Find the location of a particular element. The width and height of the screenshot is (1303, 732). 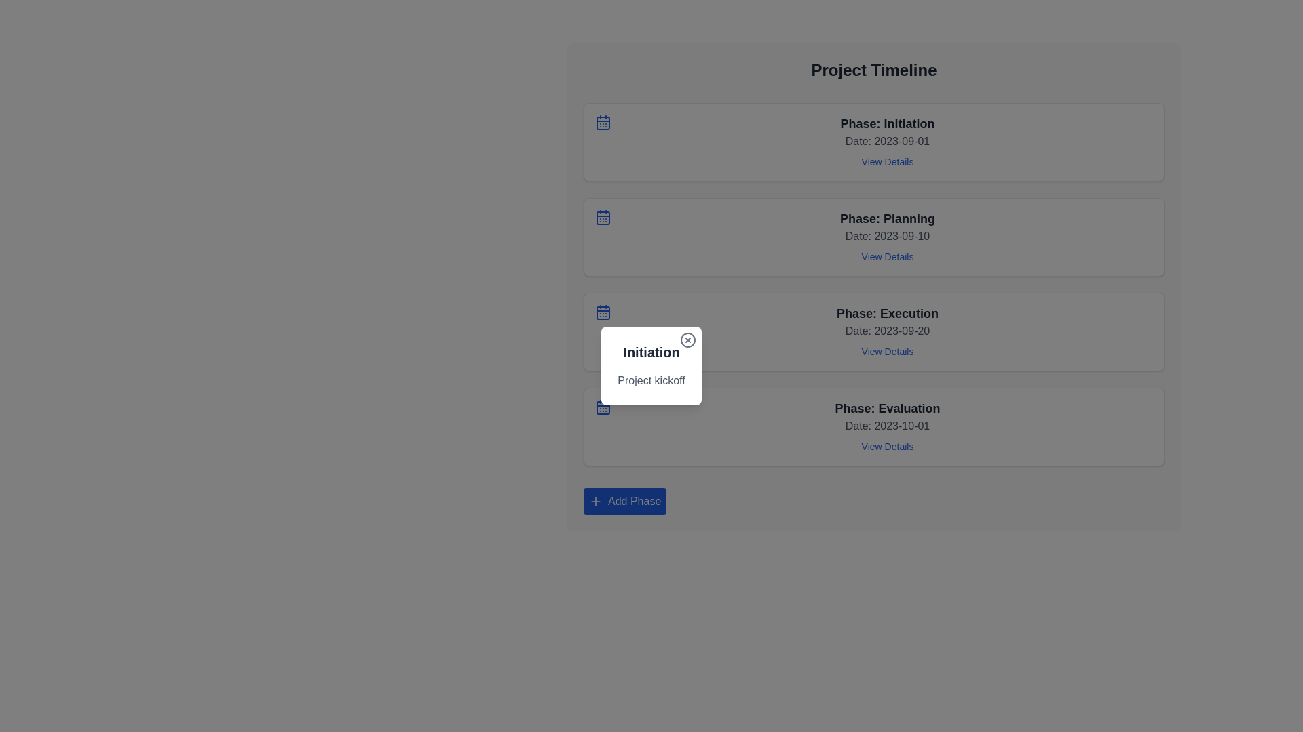

the static text label displaying 'Date: 2023-09-10' in gray font, located in the second card of the timeline layout below the 'Phase: Planning' heading is located at coordinates (888, 235).